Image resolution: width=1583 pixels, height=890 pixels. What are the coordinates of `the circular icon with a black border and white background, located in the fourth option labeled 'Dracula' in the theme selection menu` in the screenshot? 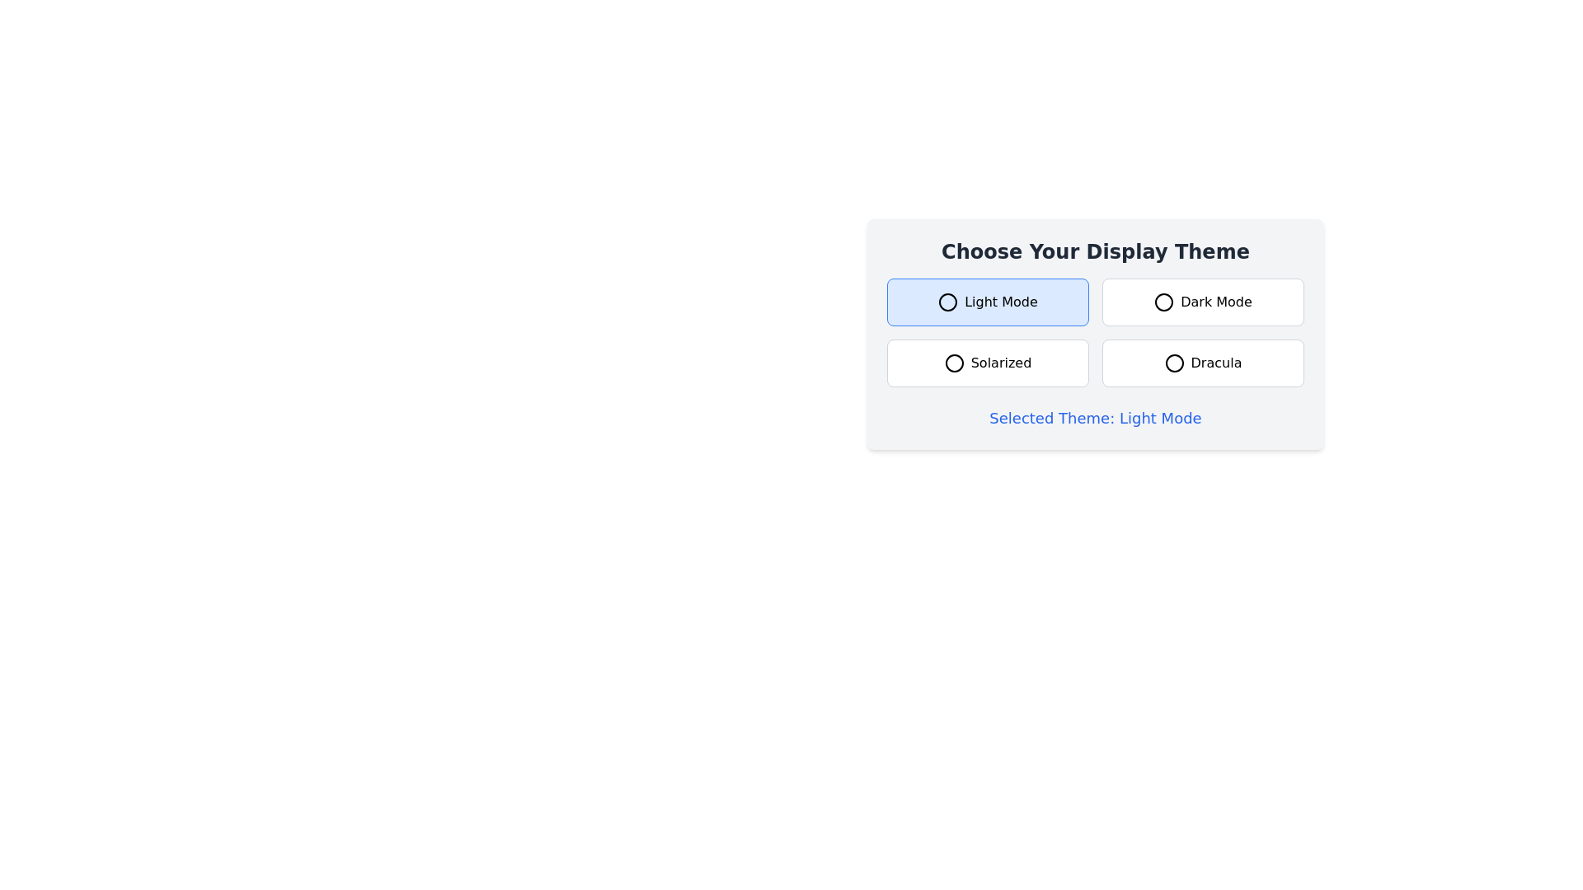 It's located at (1173, 362).